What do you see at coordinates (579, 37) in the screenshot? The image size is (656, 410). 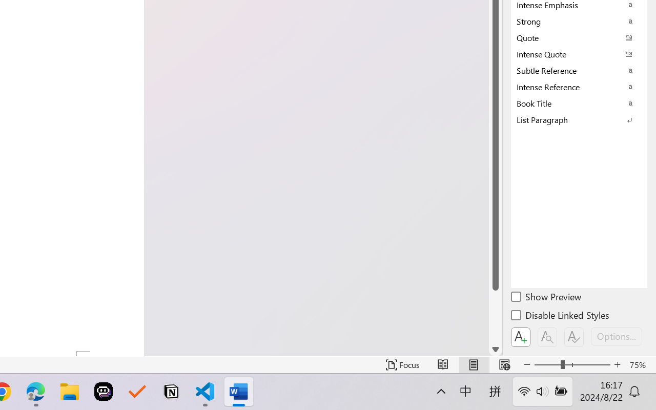 I see `'Quote'` at bounding box center [579, 37].